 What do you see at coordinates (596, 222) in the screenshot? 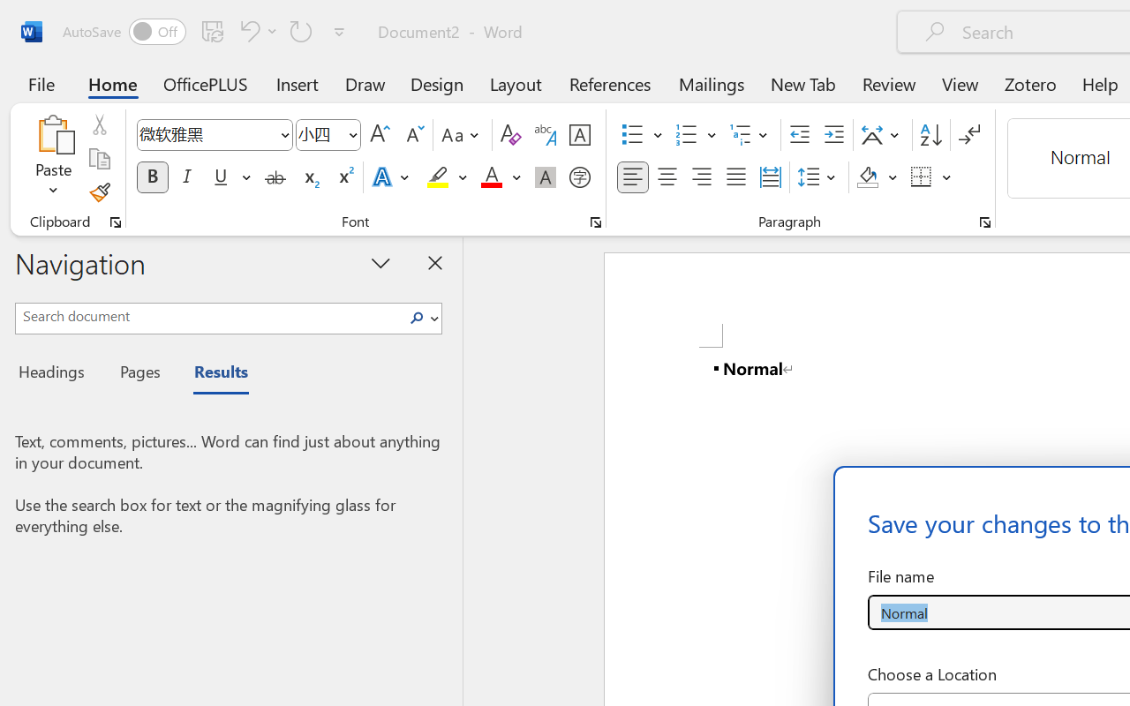
I see `'Font...'` at bounding box center [596, 222].